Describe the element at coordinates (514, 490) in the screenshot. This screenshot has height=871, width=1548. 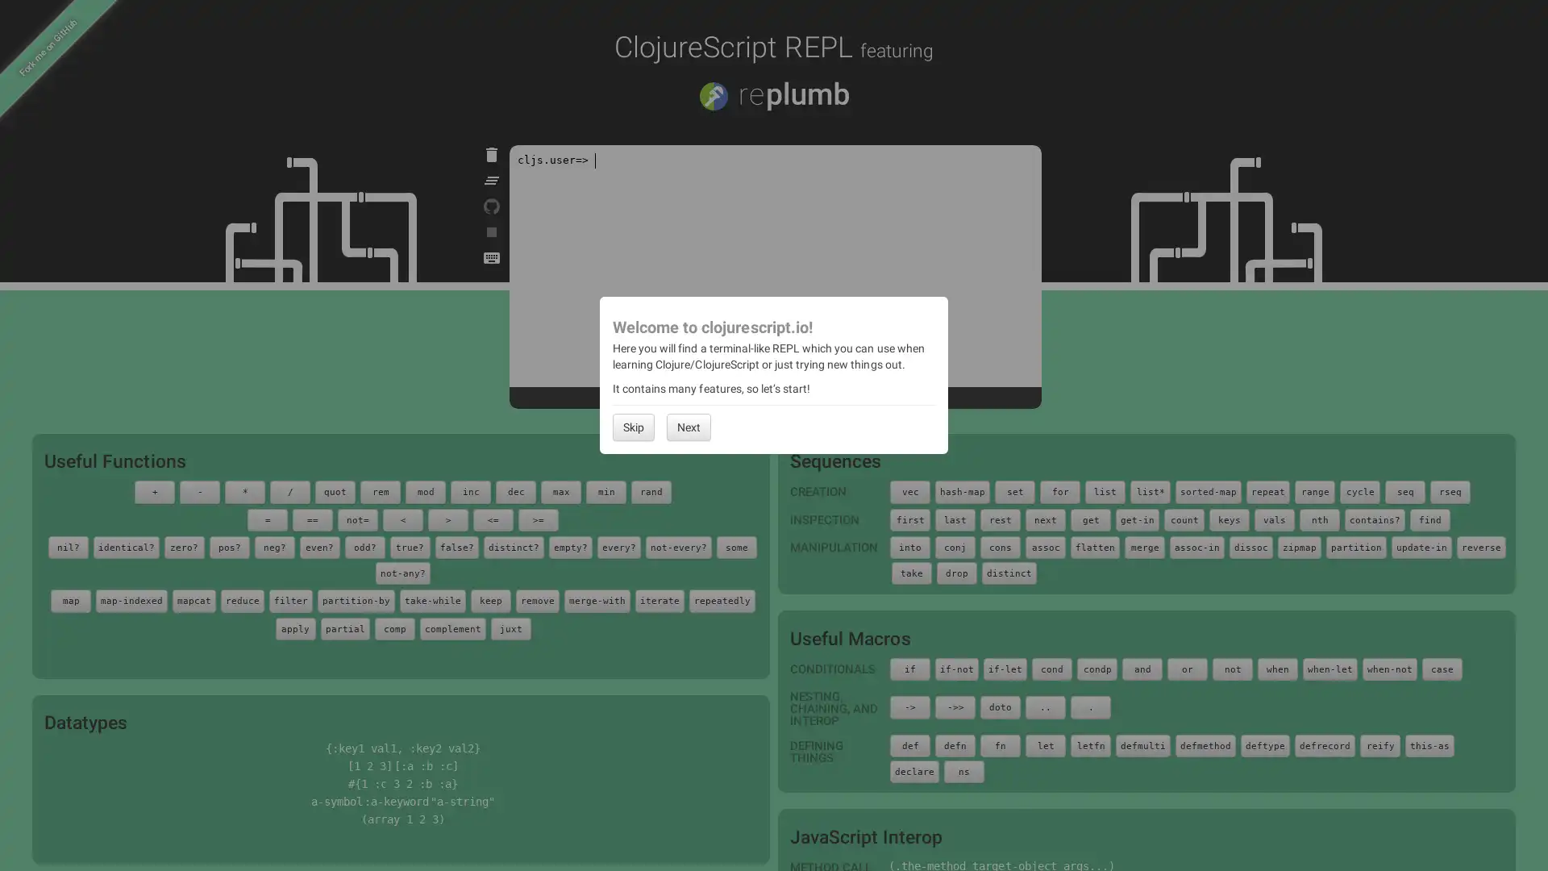
I see `dec` at that location.